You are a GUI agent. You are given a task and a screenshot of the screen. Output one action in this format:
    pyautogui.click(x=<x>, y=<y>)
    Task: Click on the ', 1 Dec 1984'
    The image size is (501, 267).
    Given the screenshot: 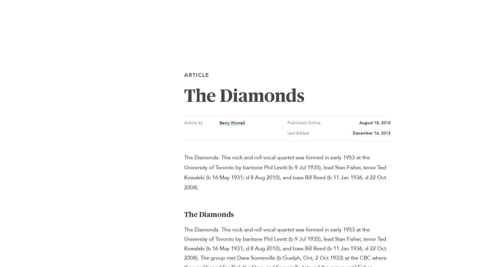 What is the action you would take?
    pyautogui.click(x=164, y=225)
    